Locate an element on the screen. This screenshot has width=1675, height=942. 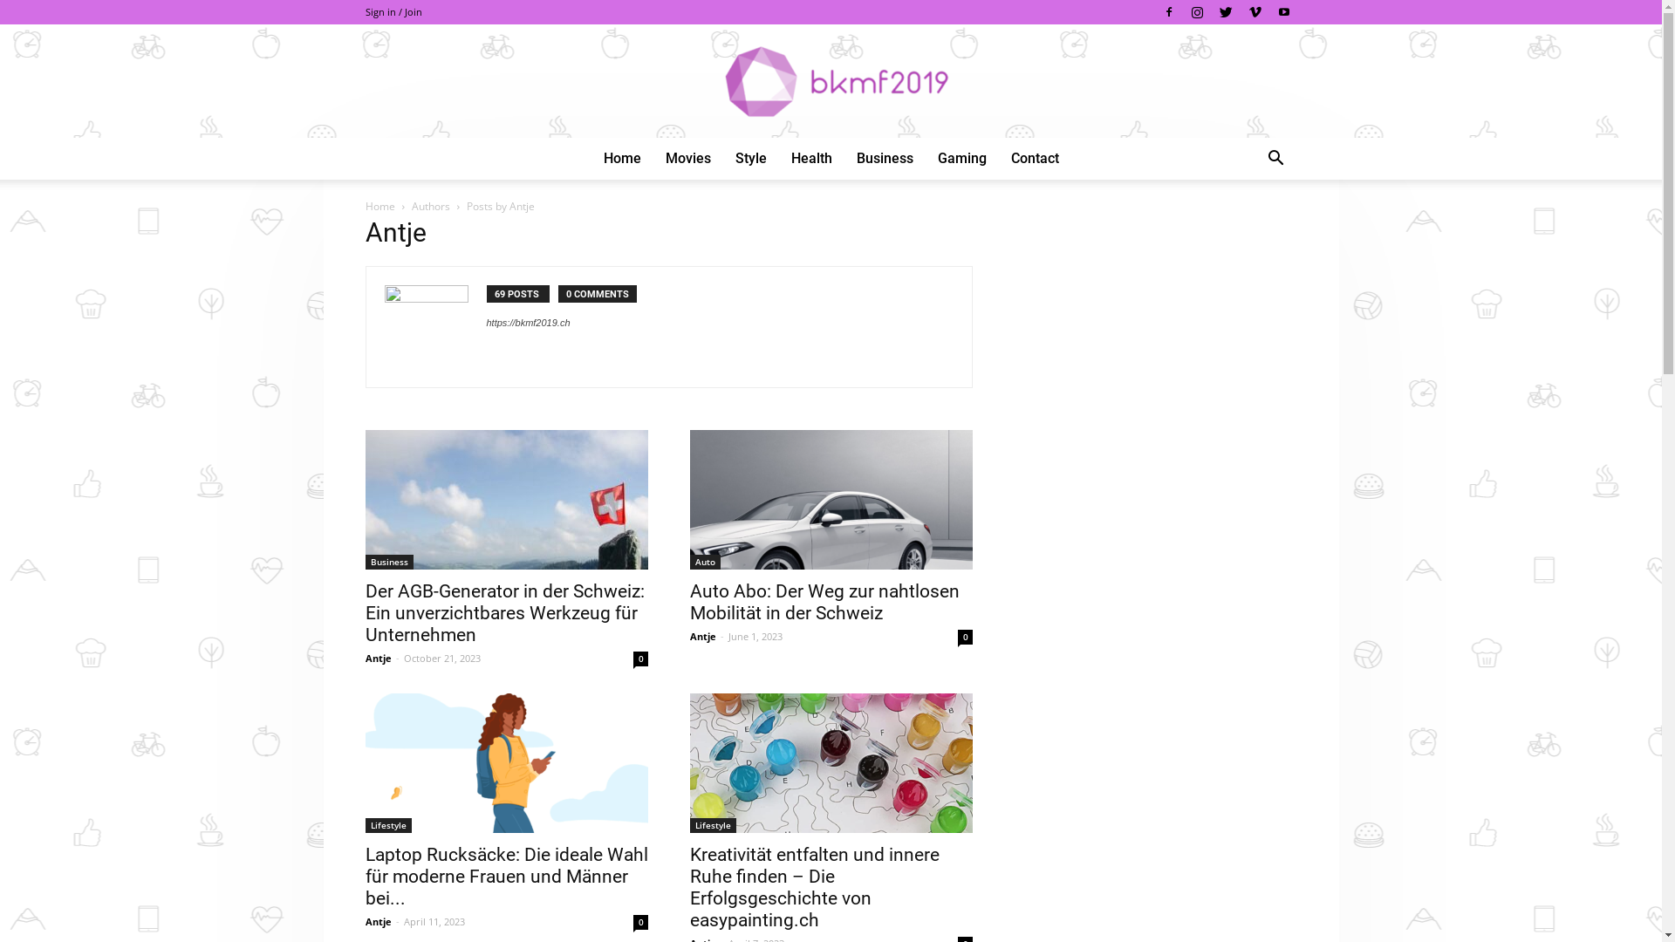
'https://bkmf2019.ch' is located at coordinates (527, 323).